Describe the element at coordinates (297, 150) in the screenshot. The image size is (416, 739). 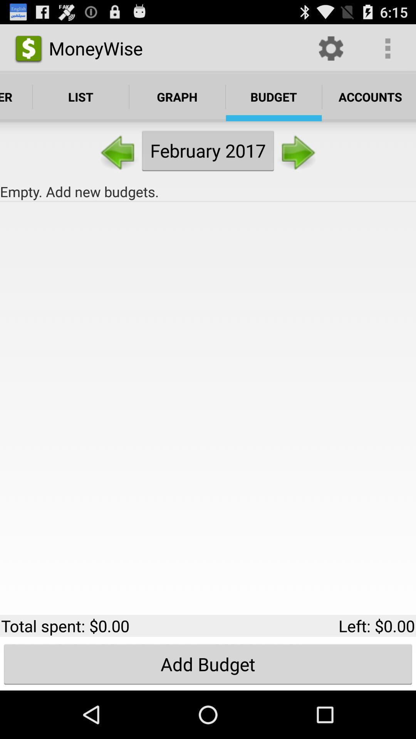
I see `item next to the february 2017 button` at that location.